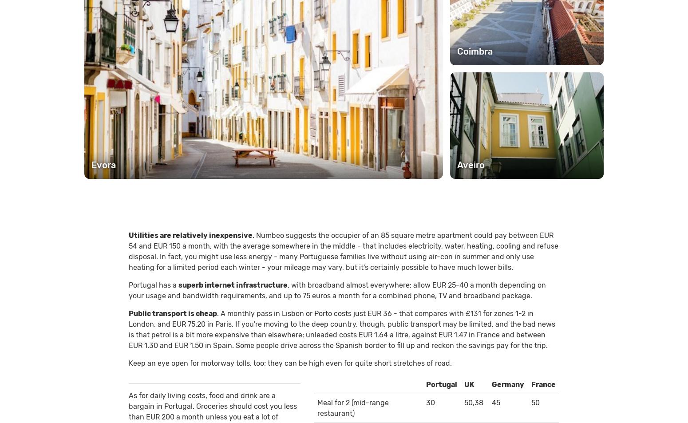 This screenshot has height=423, width=688. Describe the element at coordinates (352, 407) in the screenshot. I see `'Meal for 2 (mid-range restaurant)'` at that location.